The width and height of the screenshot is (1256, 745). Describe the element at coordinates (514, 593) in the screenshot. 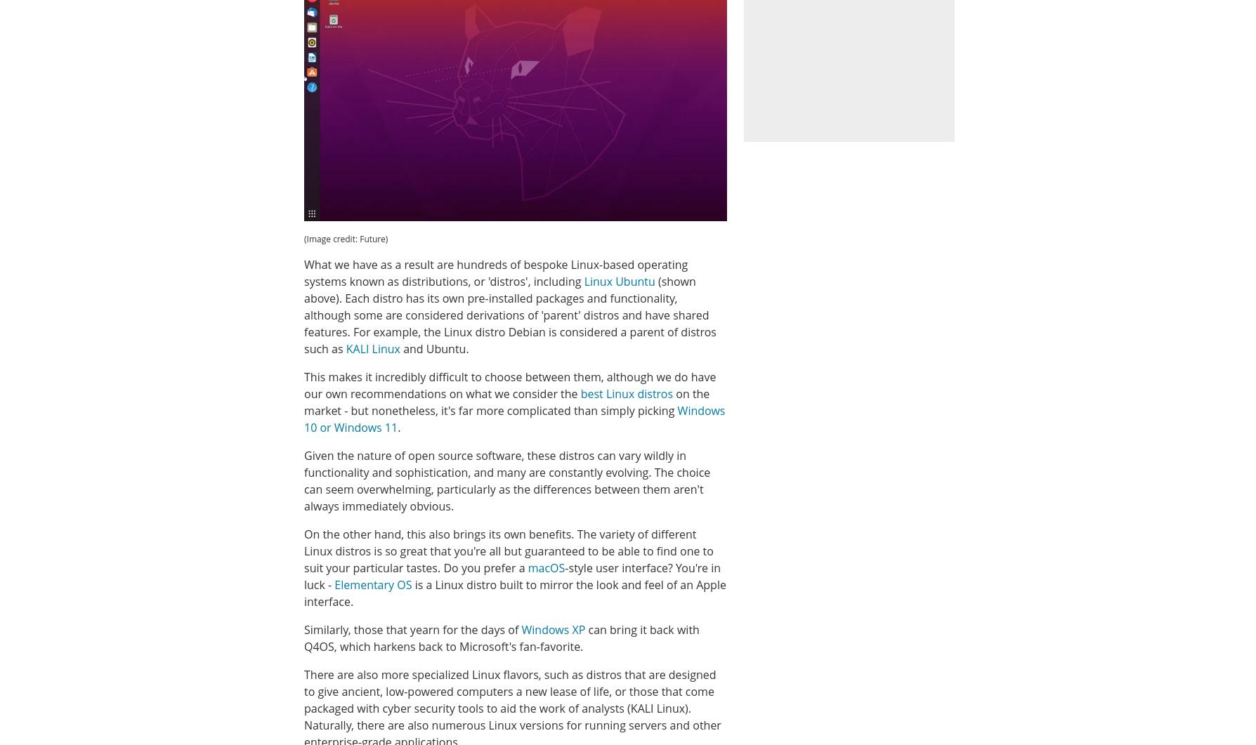

I see `'is a Linux distro built to mirror the look and feel of an Apple interface.'` at that location.